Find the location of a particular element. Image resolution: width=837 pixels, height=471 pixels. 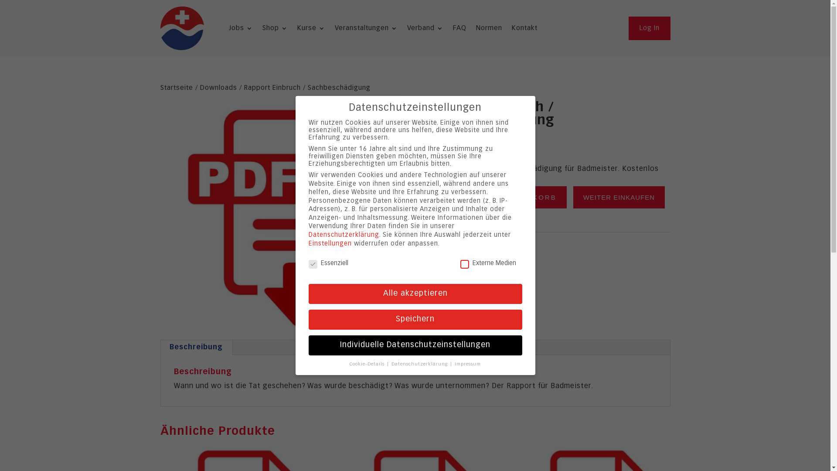

'Jobs' is located at coordinates (228, 30).